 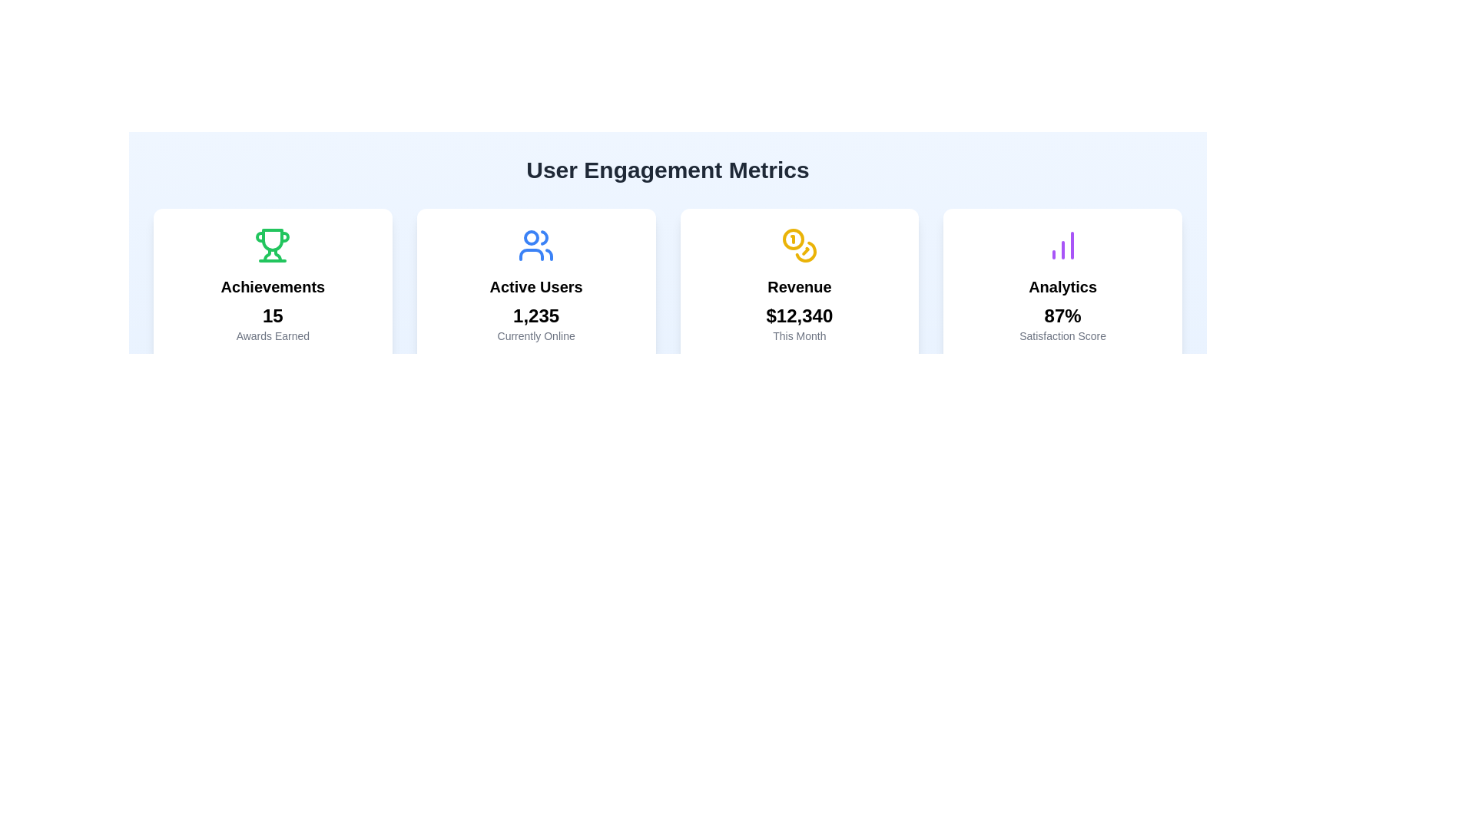 I want to click on the Label that describes the time range for the revenue amount within the 'Revenue' card, located in the third column, so click(x=799, y=335).